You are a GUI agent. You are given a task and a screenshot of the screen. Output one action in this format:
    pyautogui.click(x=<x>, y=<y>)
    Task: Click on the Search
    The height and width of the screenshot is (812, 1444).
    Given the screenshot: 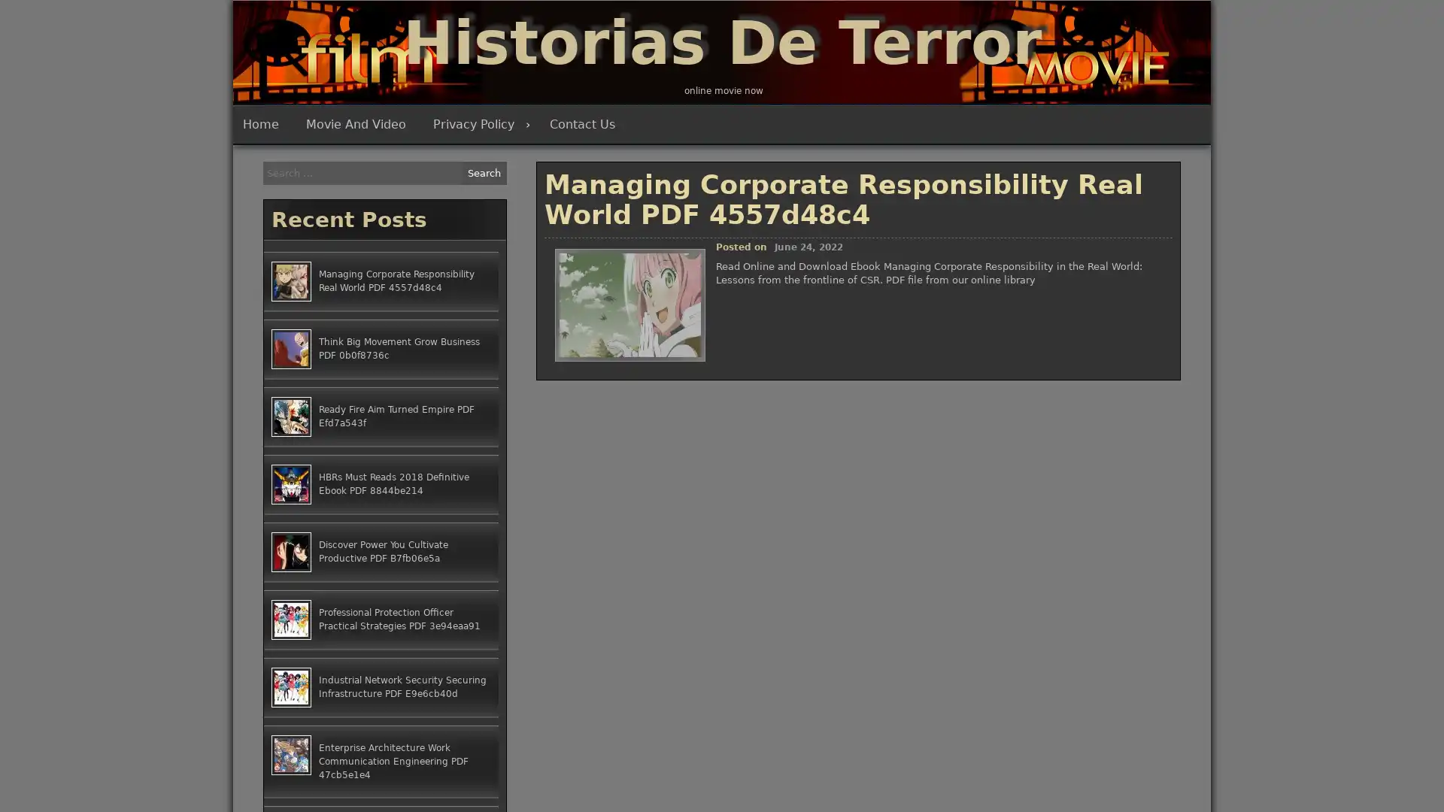 What is the action you would take?
    pyautogui.click(x=484, y=172)
    